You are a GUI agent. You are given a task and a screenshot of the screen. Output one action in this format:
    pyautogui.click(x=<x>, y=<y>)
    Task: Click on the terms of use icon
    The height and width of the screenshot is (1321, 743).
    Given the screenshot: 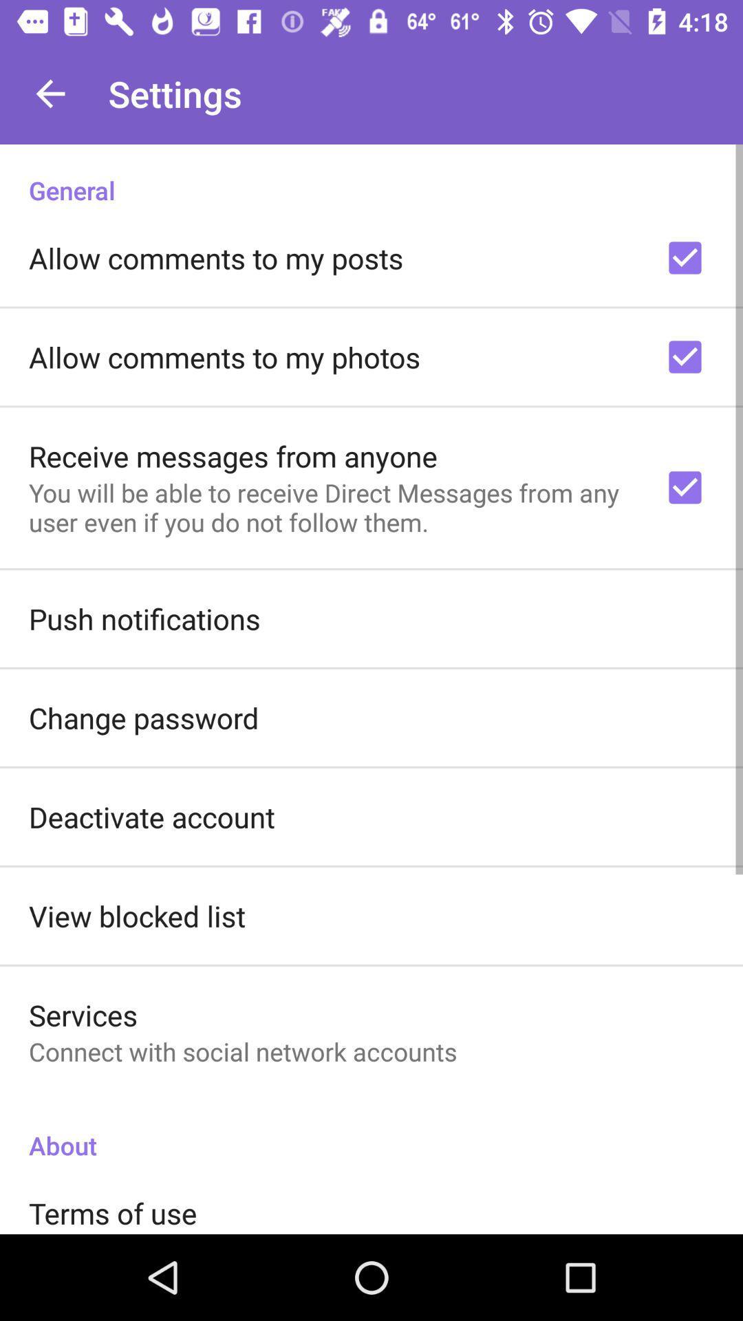 What is the action you would take?
    pyautogui.click(x=112, y=1213)
    